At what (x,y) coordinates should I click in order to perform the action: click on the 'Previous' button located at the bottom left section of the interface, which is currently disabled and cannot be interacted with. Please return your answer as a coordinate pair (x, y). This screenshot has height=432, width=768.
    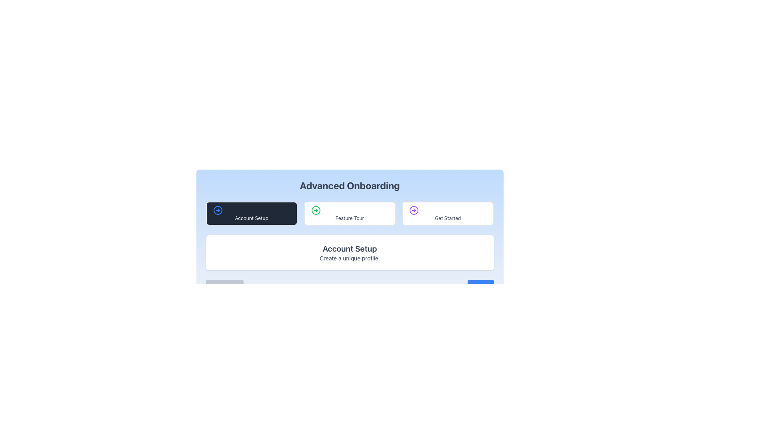
    Looking at the image, I should click on (224, 293).